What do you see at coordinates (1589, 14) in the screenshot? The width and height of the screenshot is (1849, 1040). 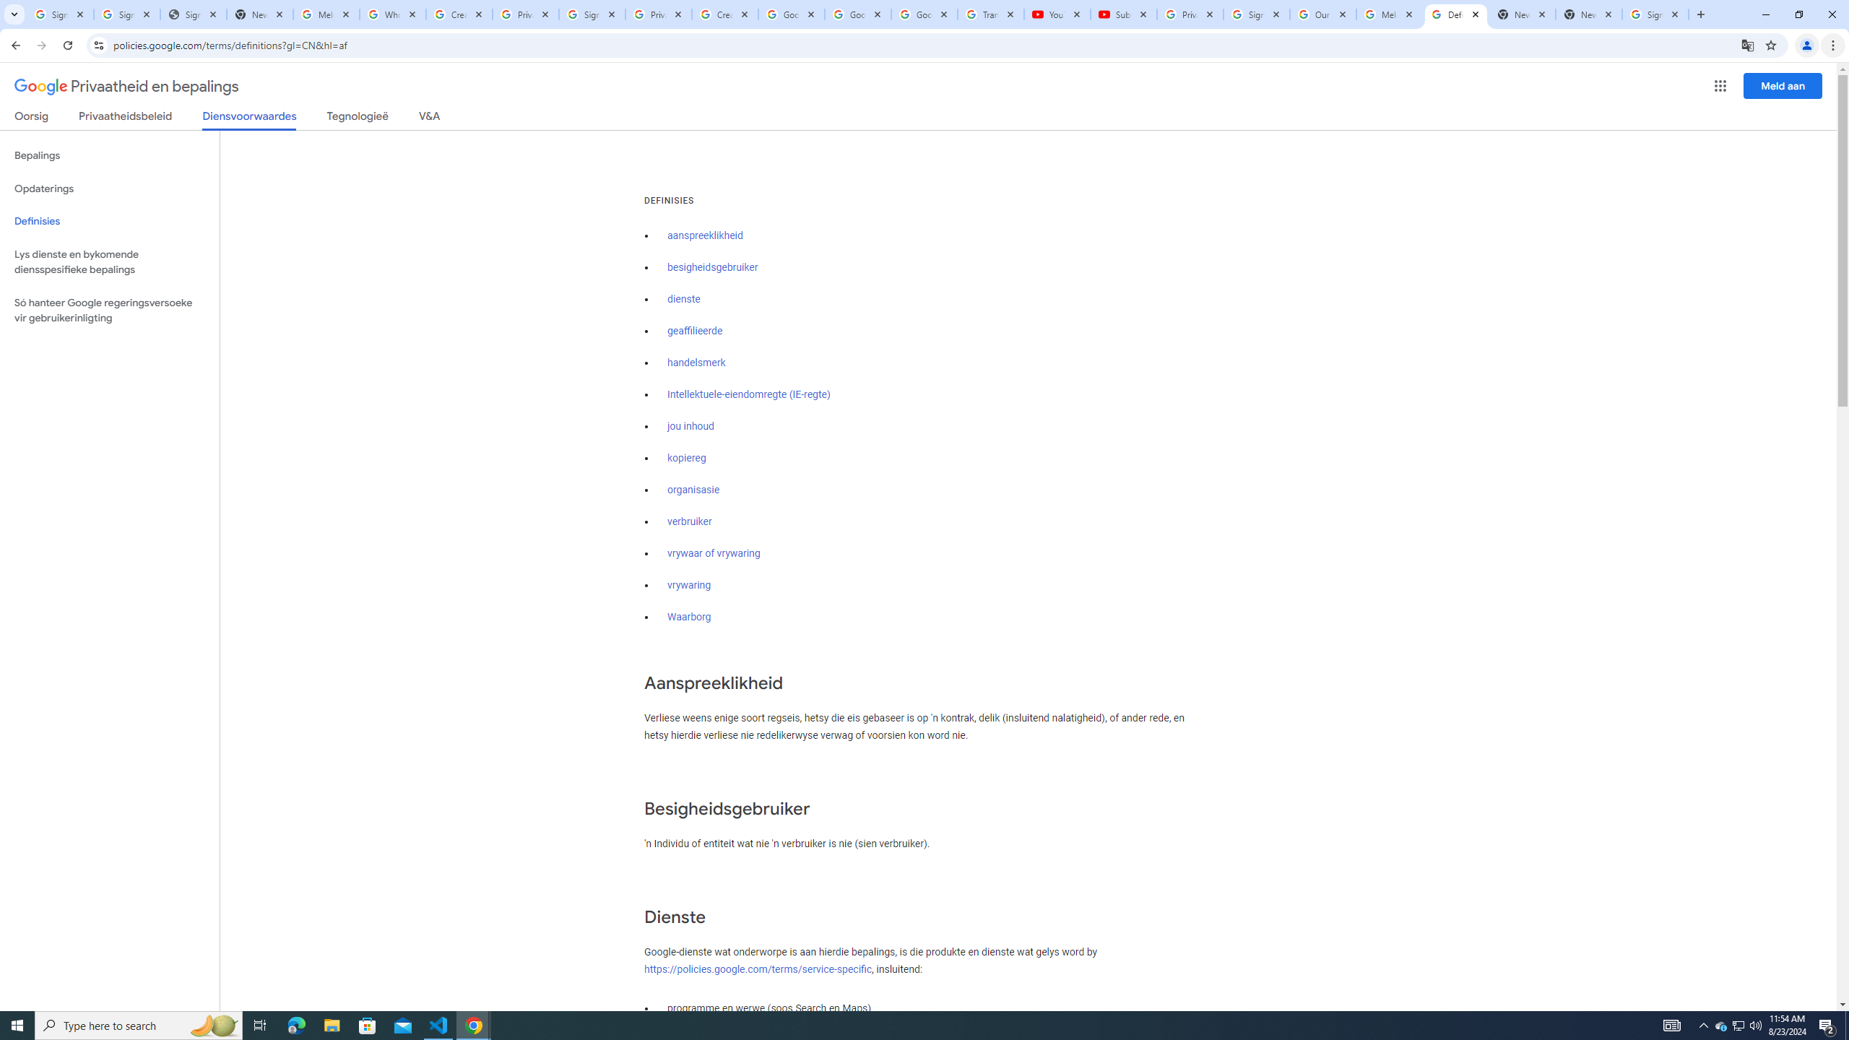 I see `'New Tab'` at bounding box center [1589, 14].